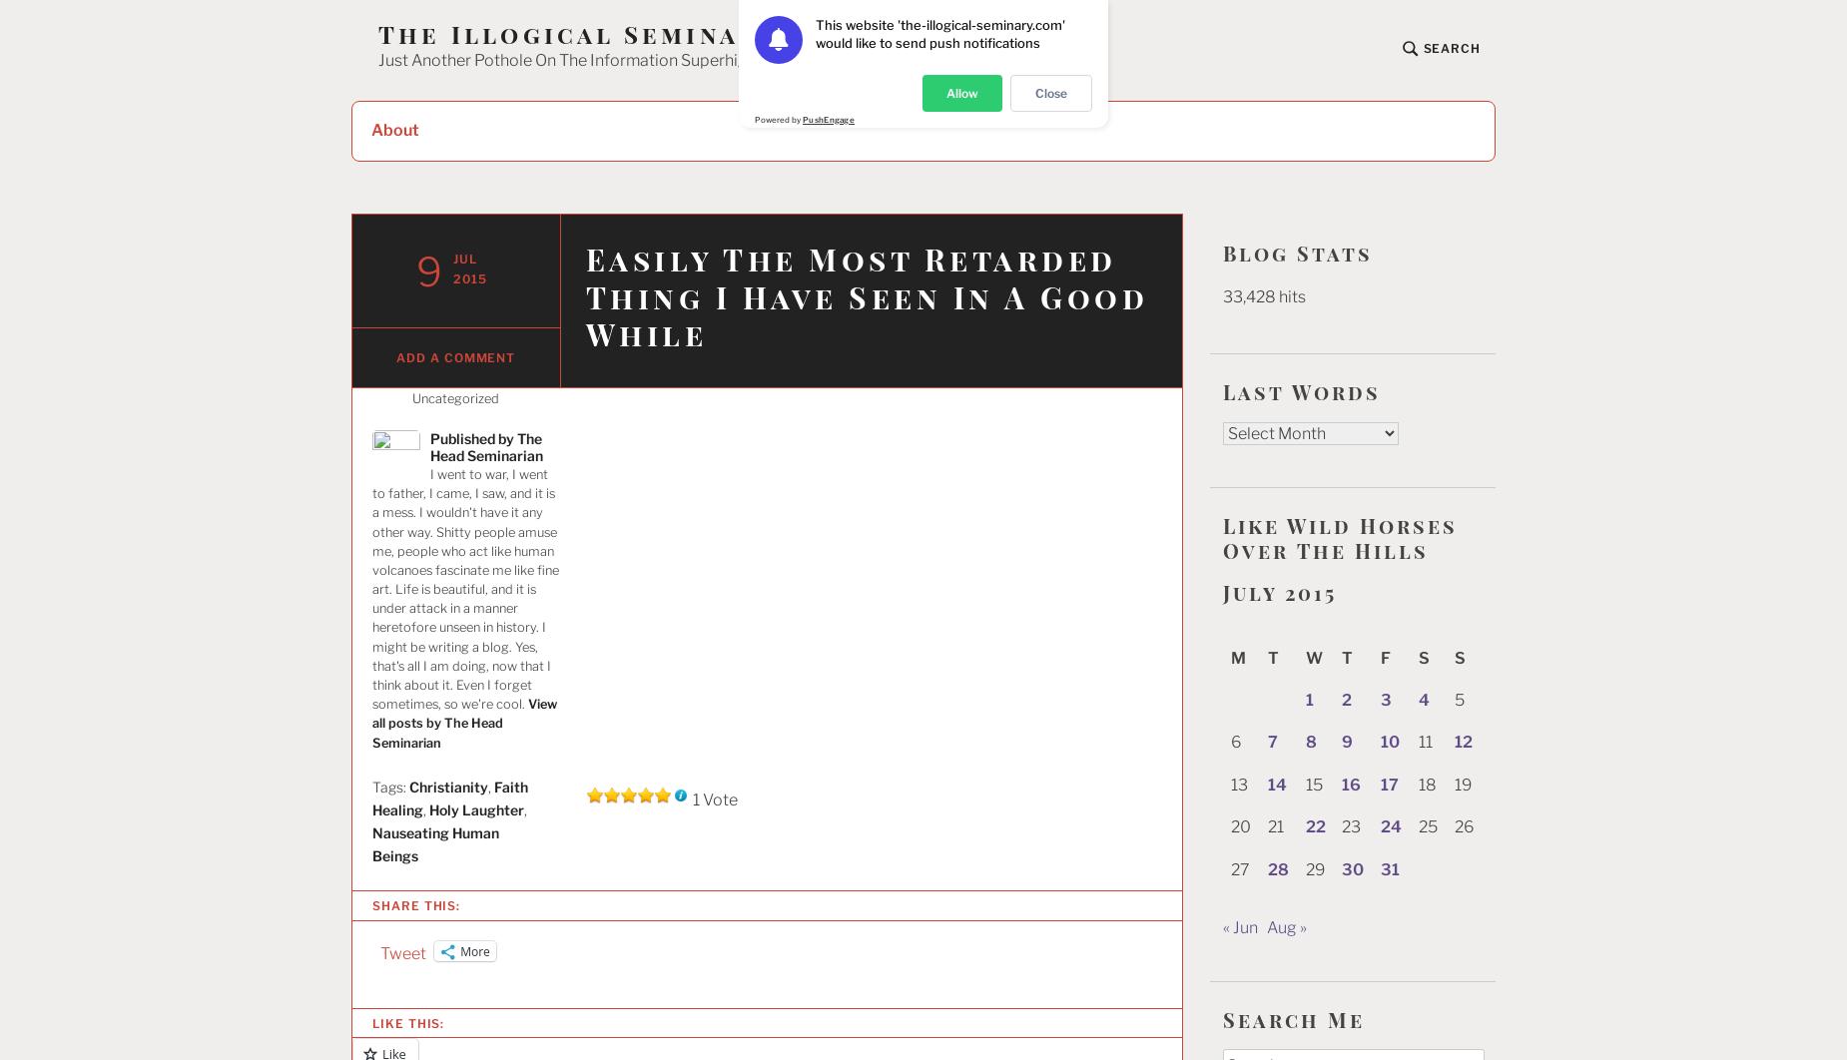  Describe the element at coordinates (1307, 700) in the screenshot. I see `'1'` at that location.